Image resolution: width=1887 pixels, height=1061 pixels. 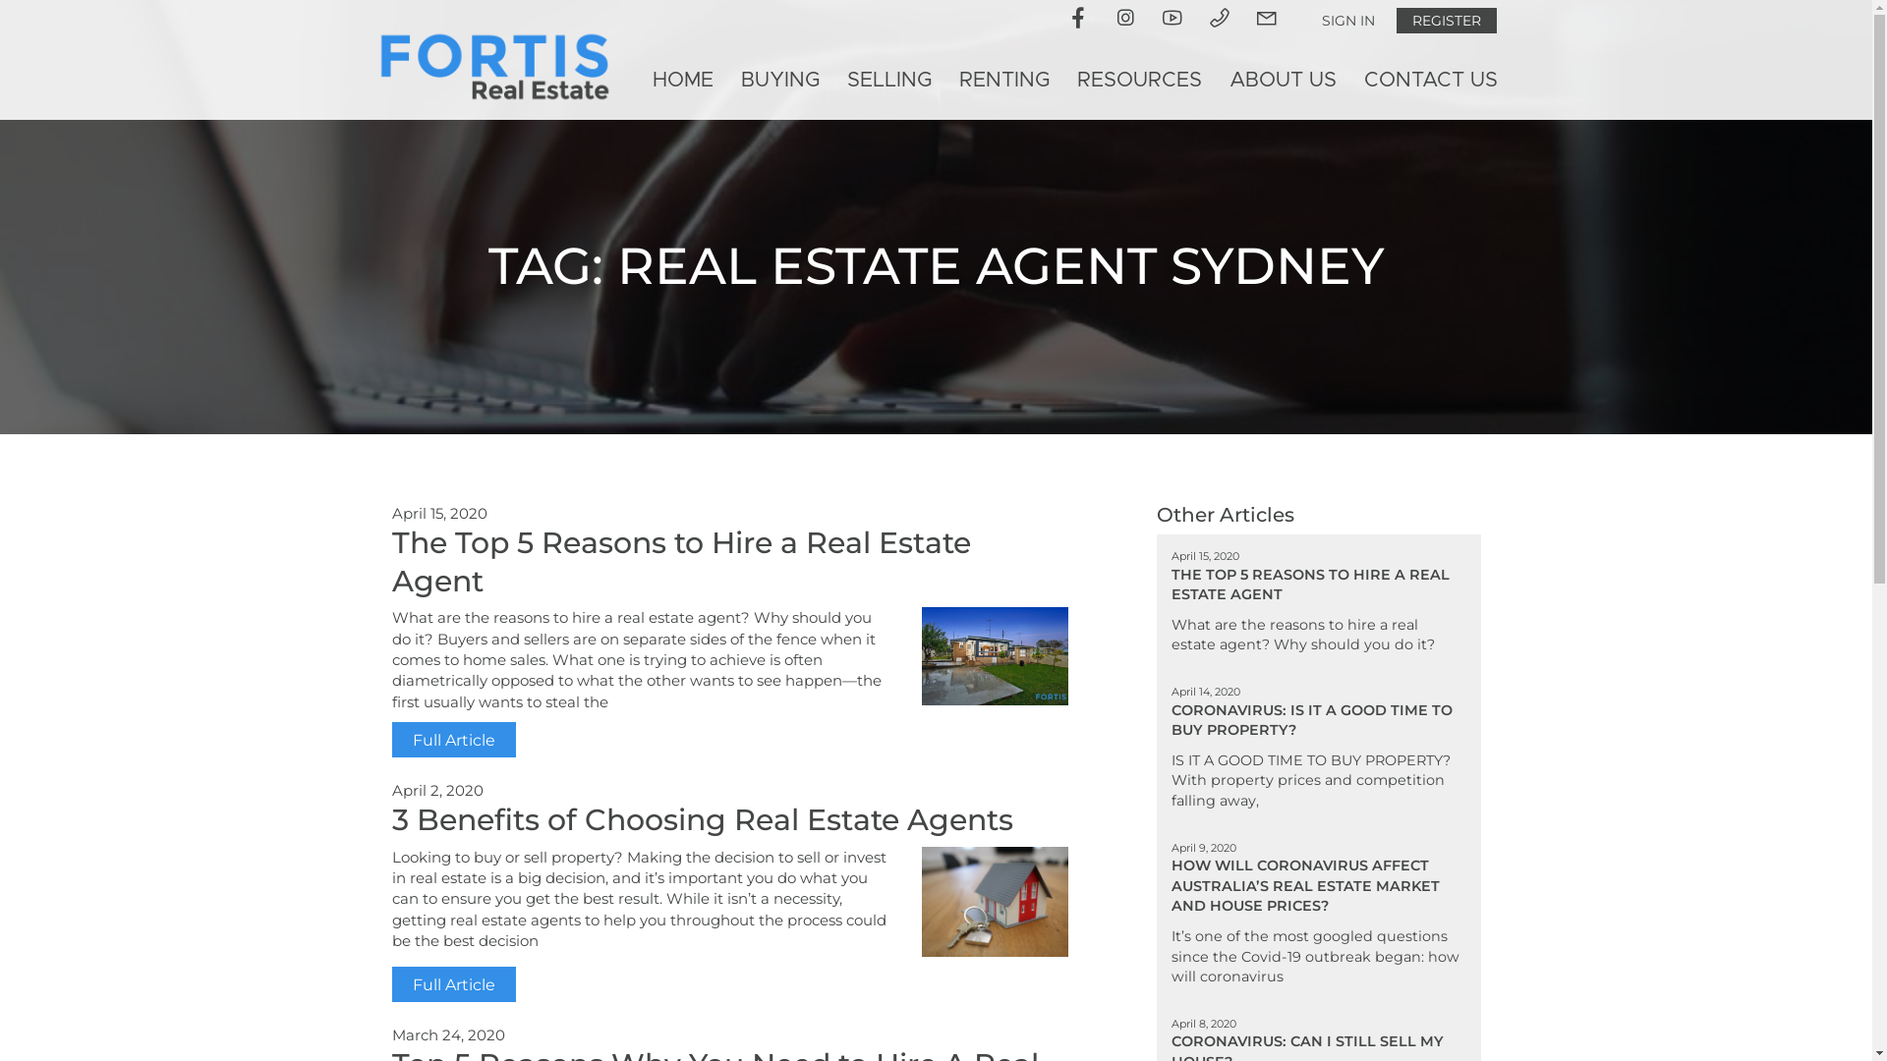 What do you see at coordinates (391, 789) in the screenshot?
I see `'April 2, 2020'` at bounding box center [391, 789].